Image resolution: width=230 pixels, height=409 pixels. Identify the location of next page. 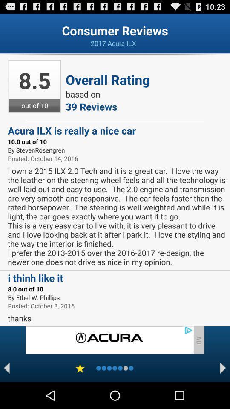
(223, 368).